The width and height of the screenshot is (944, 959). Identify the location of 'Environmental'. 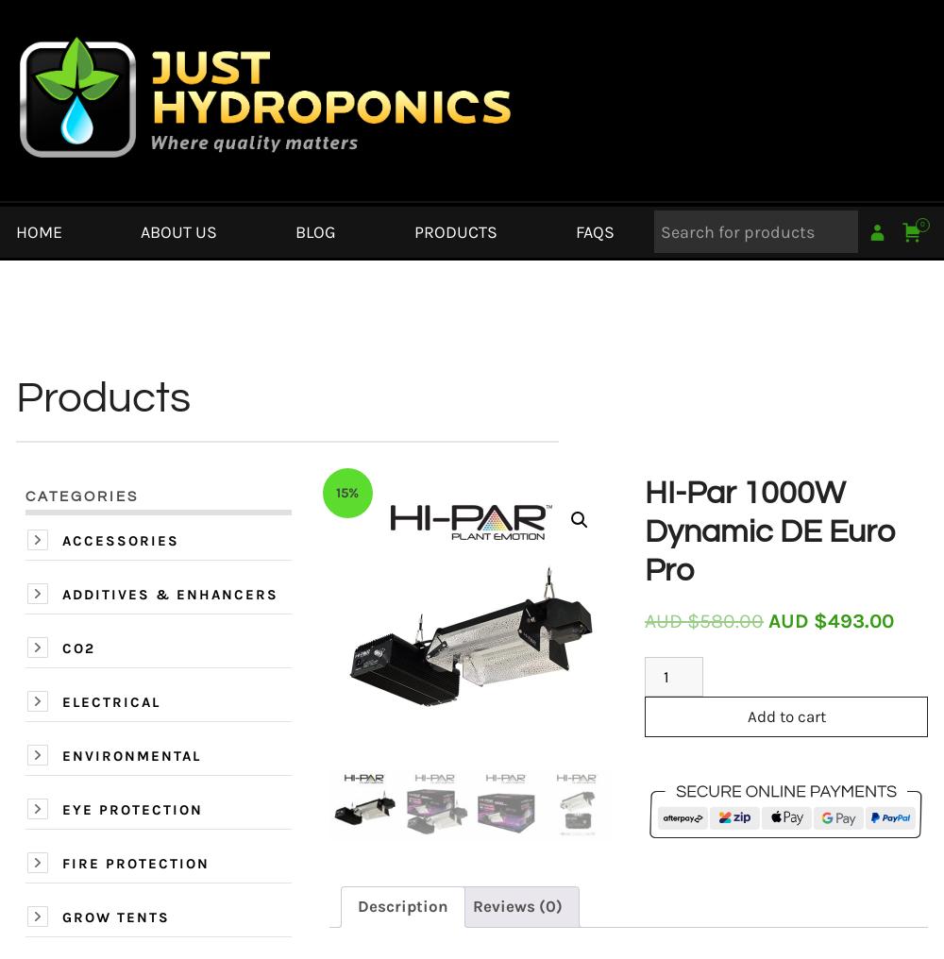
(131, 755).